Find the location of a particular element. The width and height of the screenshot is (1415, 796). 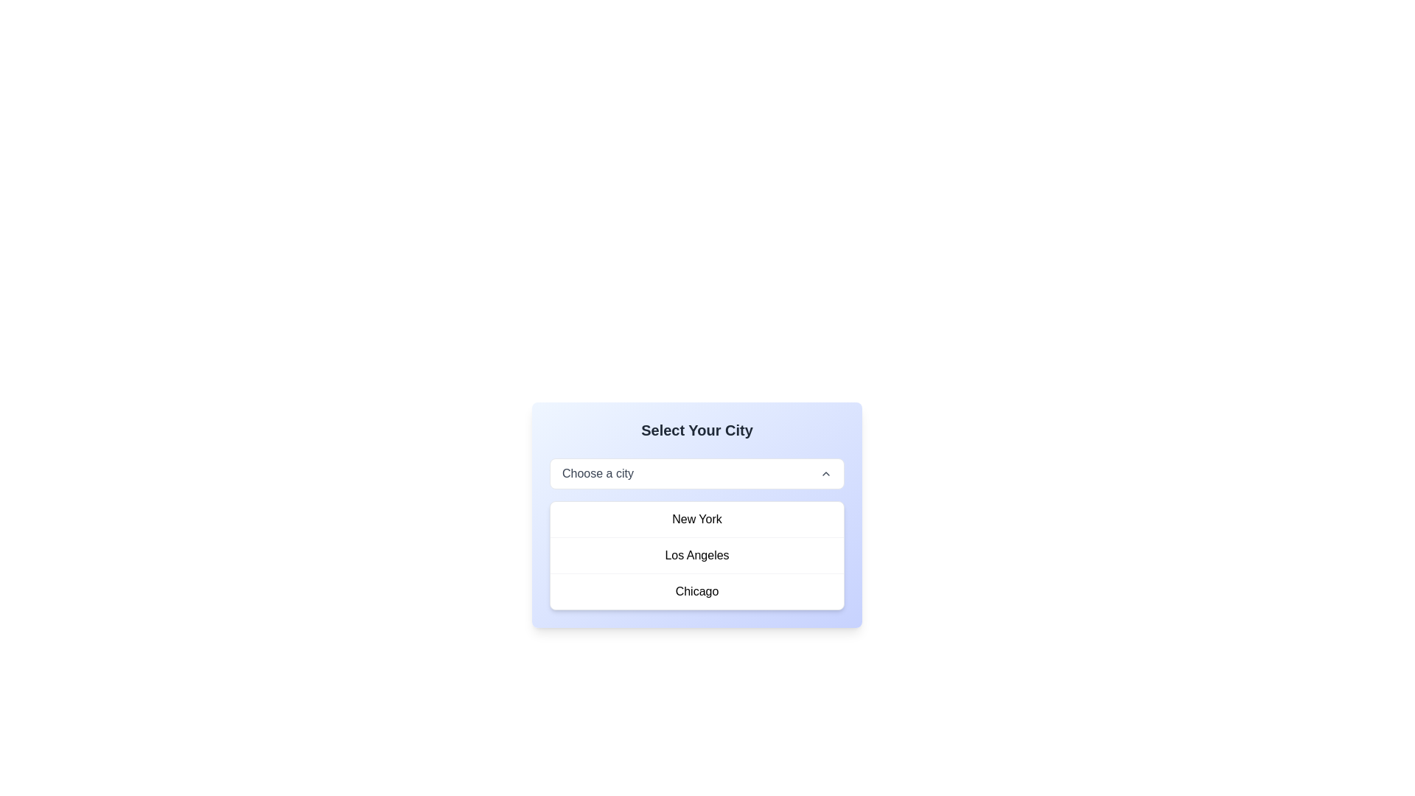

the selectable list item labeled 'New York' in the vertical list of city names is located at coordinates (696, 519).